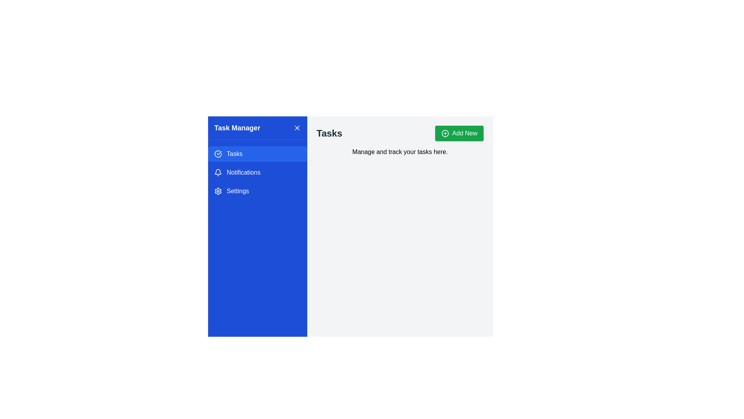  What do you see at coordinates (400, 152) in the screenshot?
I see `the static text element located beneath the 'Add New' button and the 'Tasks' title, which serves as a description or guidance message for users` at bounding box center [400, 152].